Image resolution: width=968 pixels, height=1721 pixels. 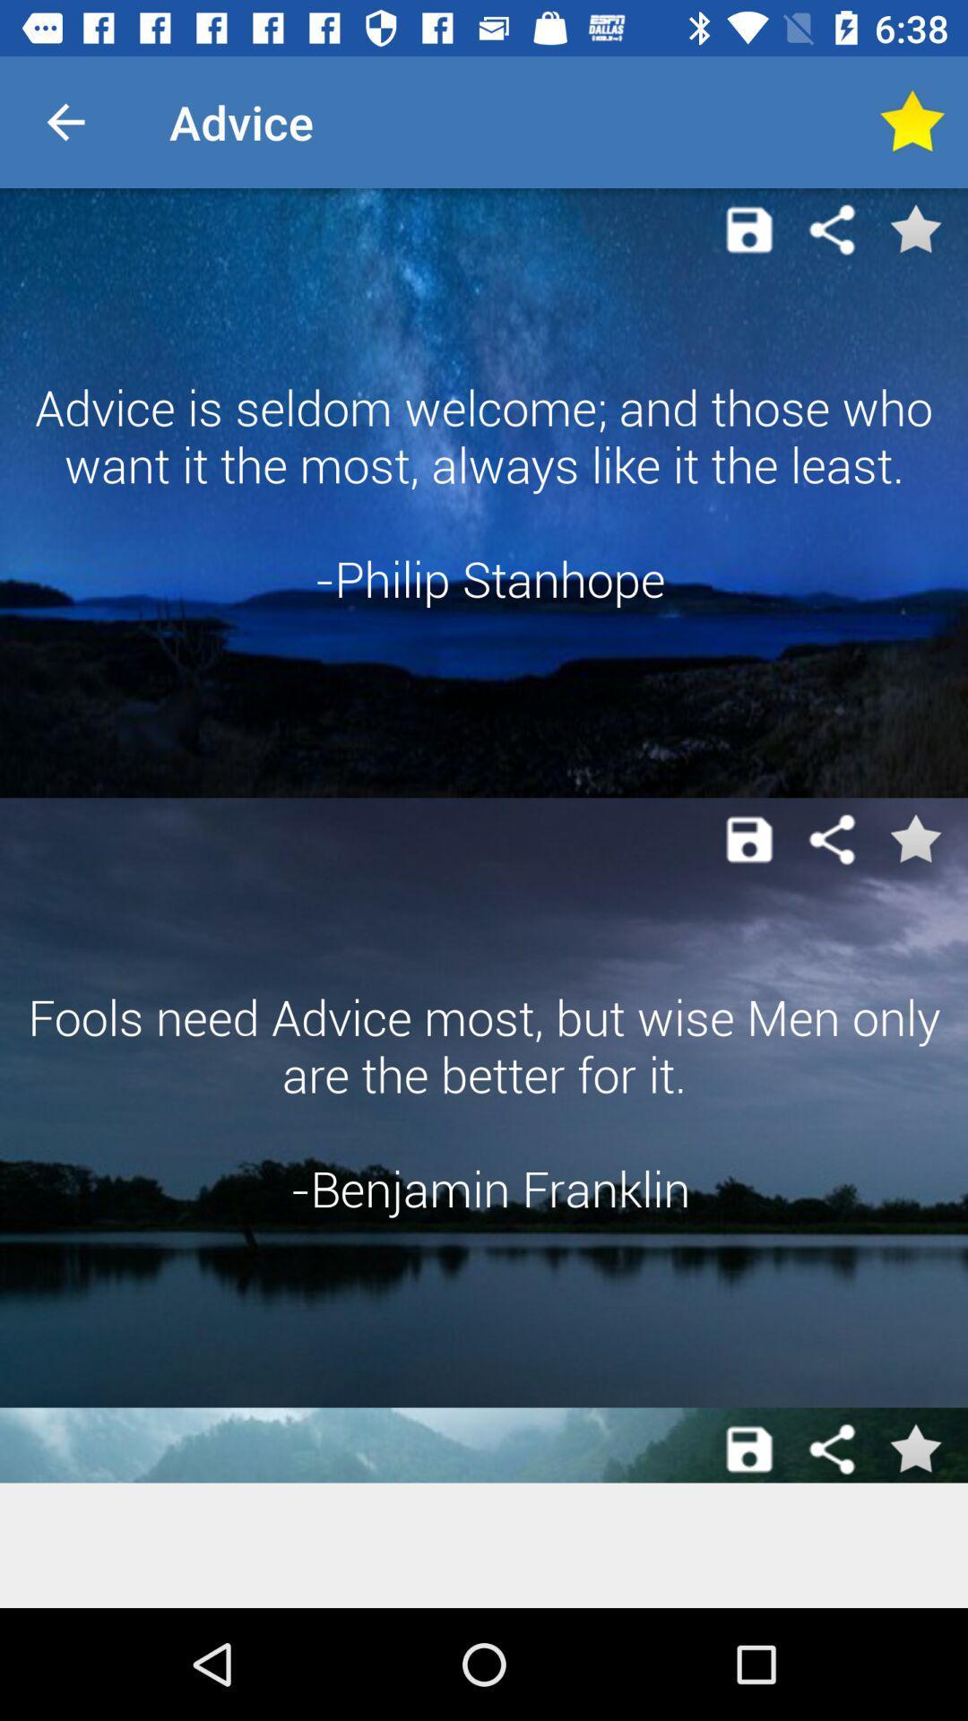 I want to click on camera, so click(x=749, y=838).